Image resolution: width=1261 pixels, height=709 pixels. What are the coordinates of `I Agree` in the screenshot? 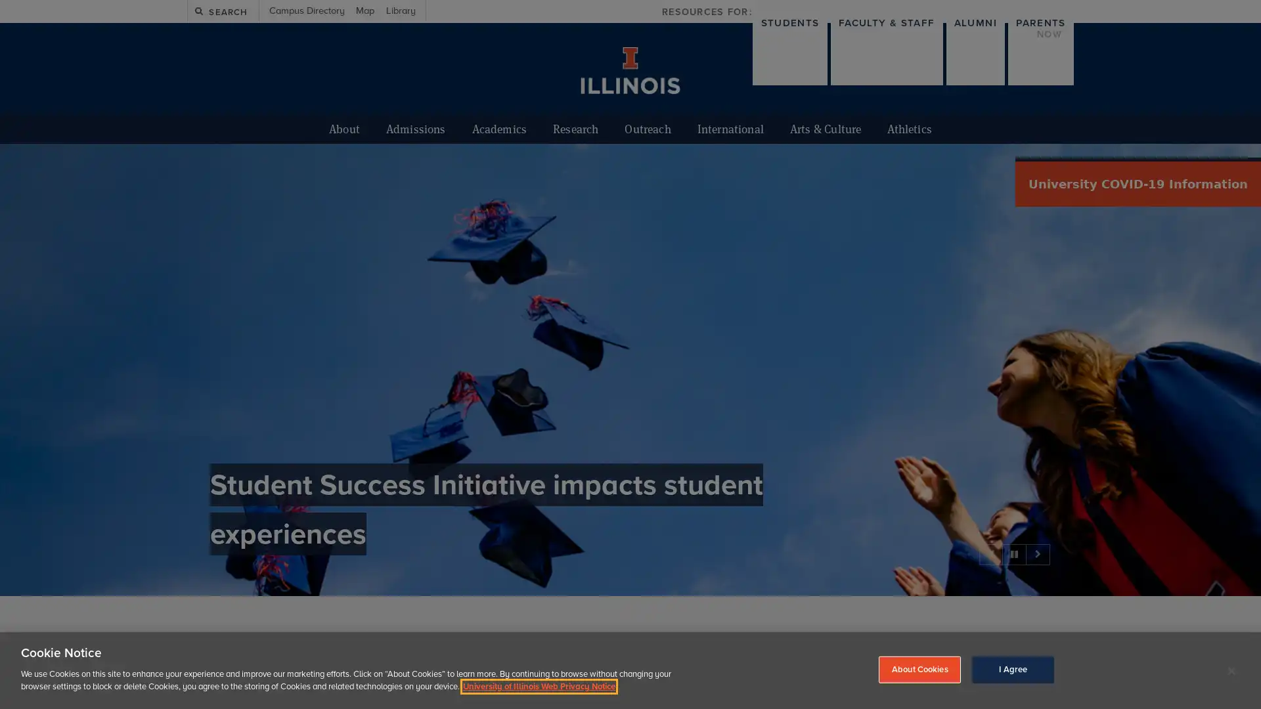 It's located at (1012, 669).